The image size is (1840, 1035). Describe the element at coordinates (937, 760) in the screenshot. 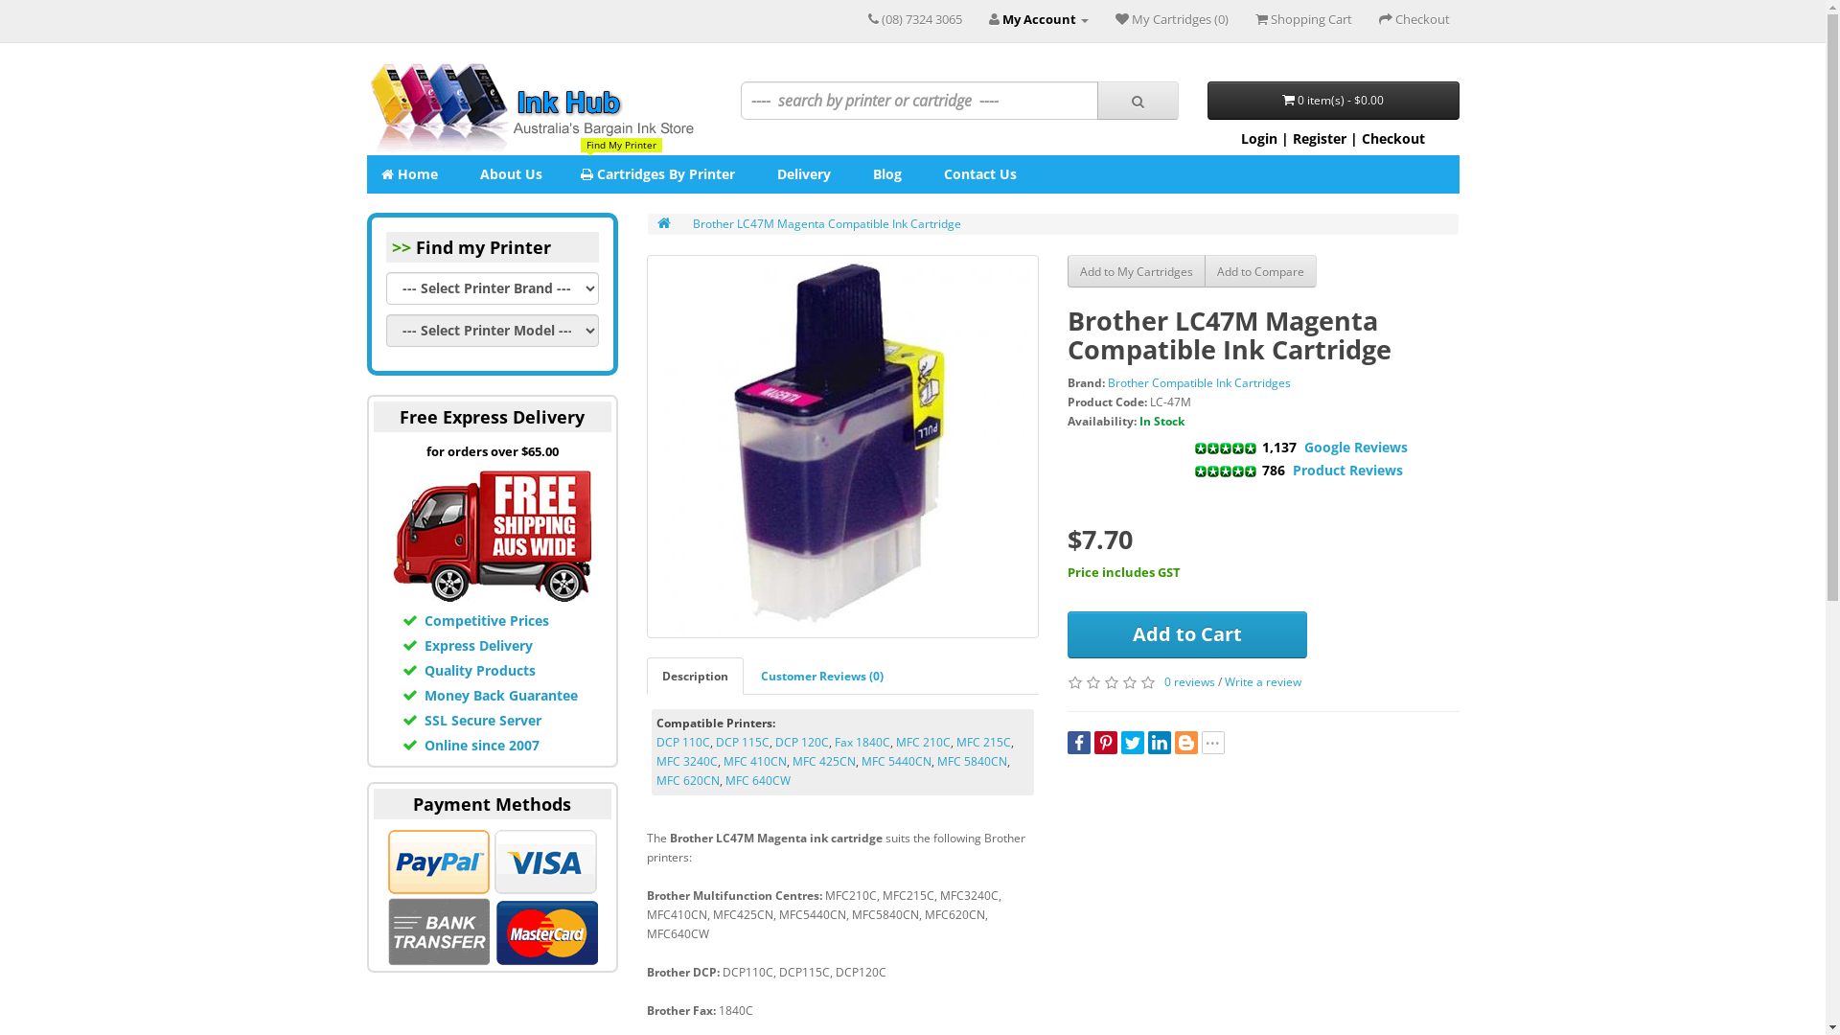

I see `'MFC 5840CN'` at that location.